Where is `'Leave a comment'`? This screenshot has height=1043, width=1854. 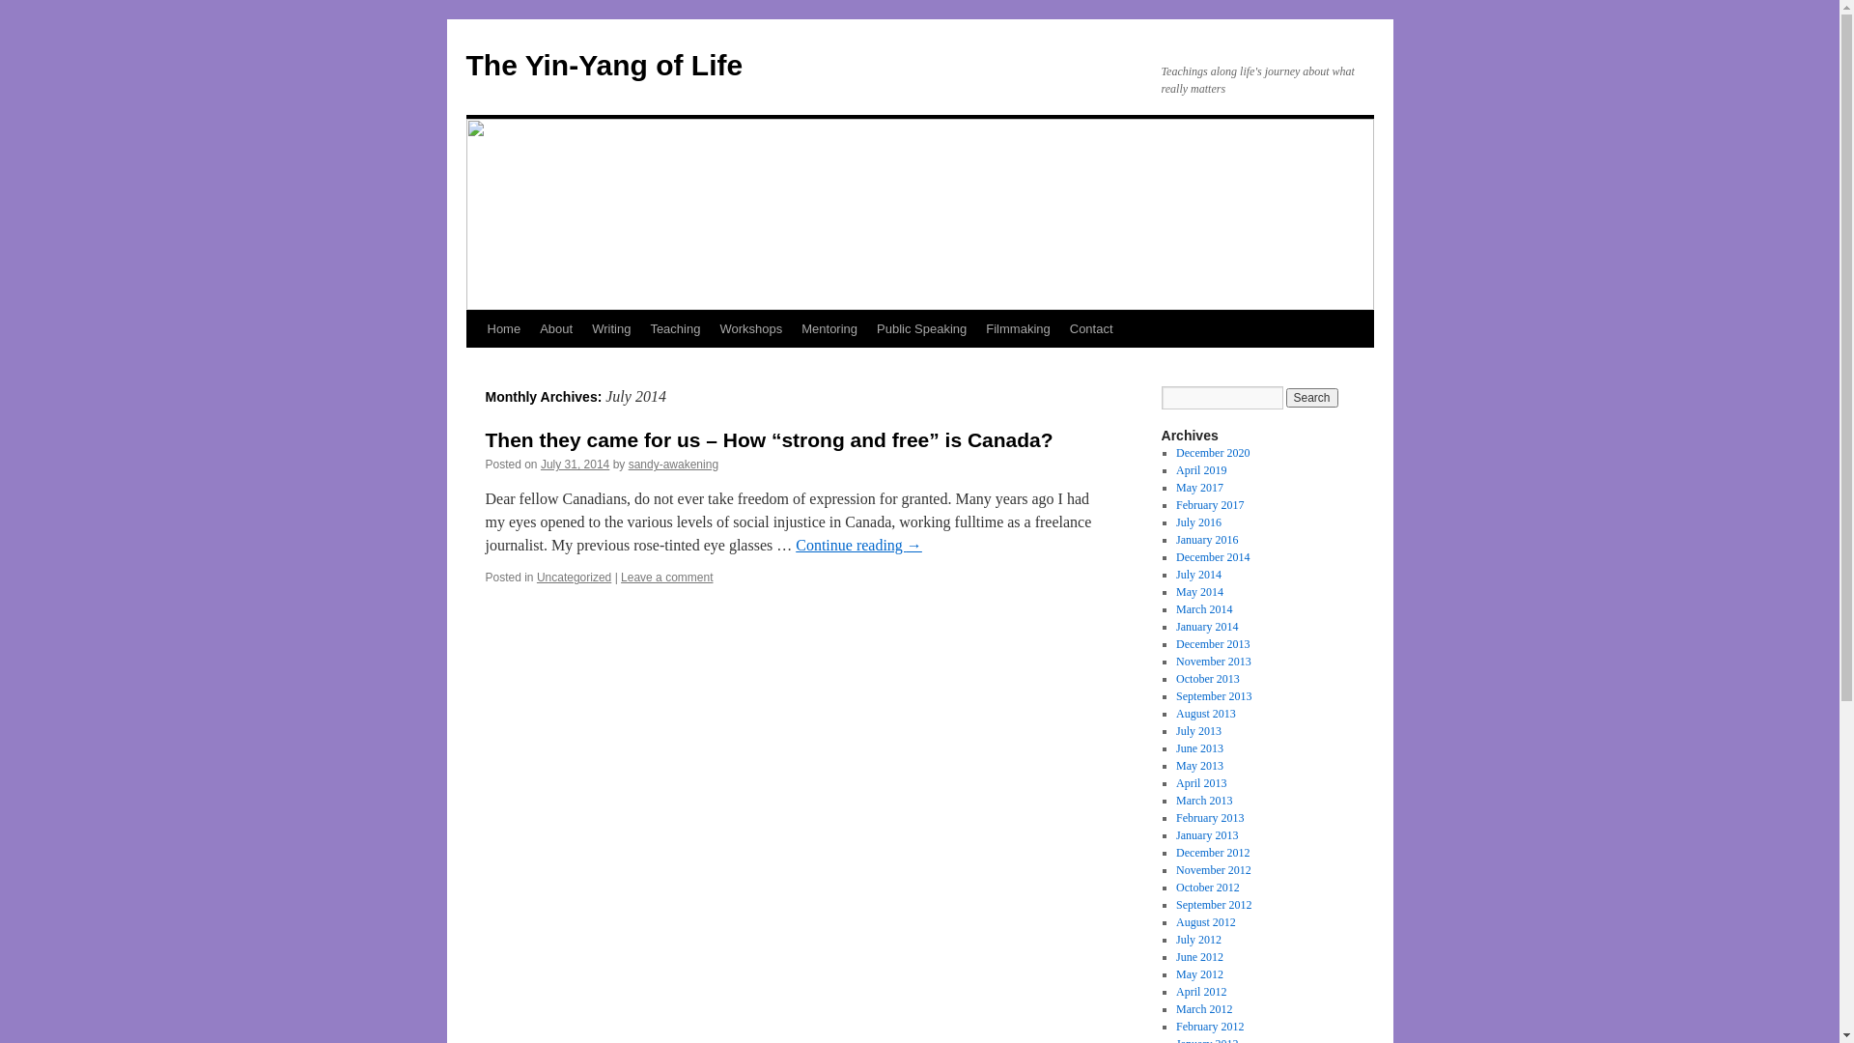 'Leave a comment' is located at coordinates (621, 576).